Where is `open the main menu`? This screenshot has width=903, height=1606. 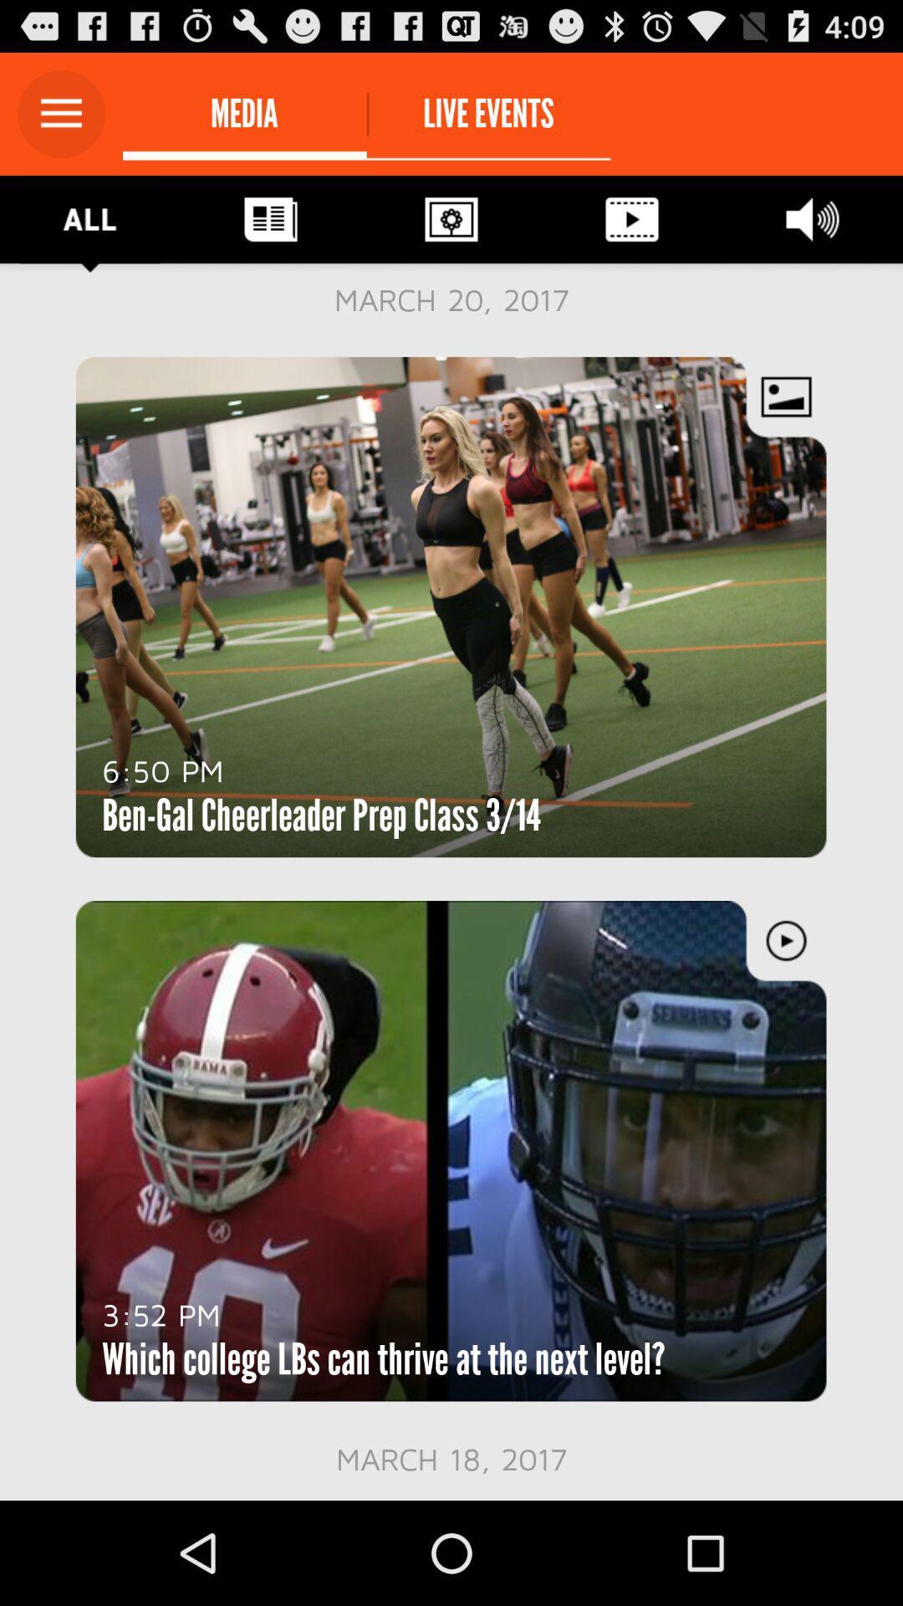 open the main menu is located at coordinates (60, 113).